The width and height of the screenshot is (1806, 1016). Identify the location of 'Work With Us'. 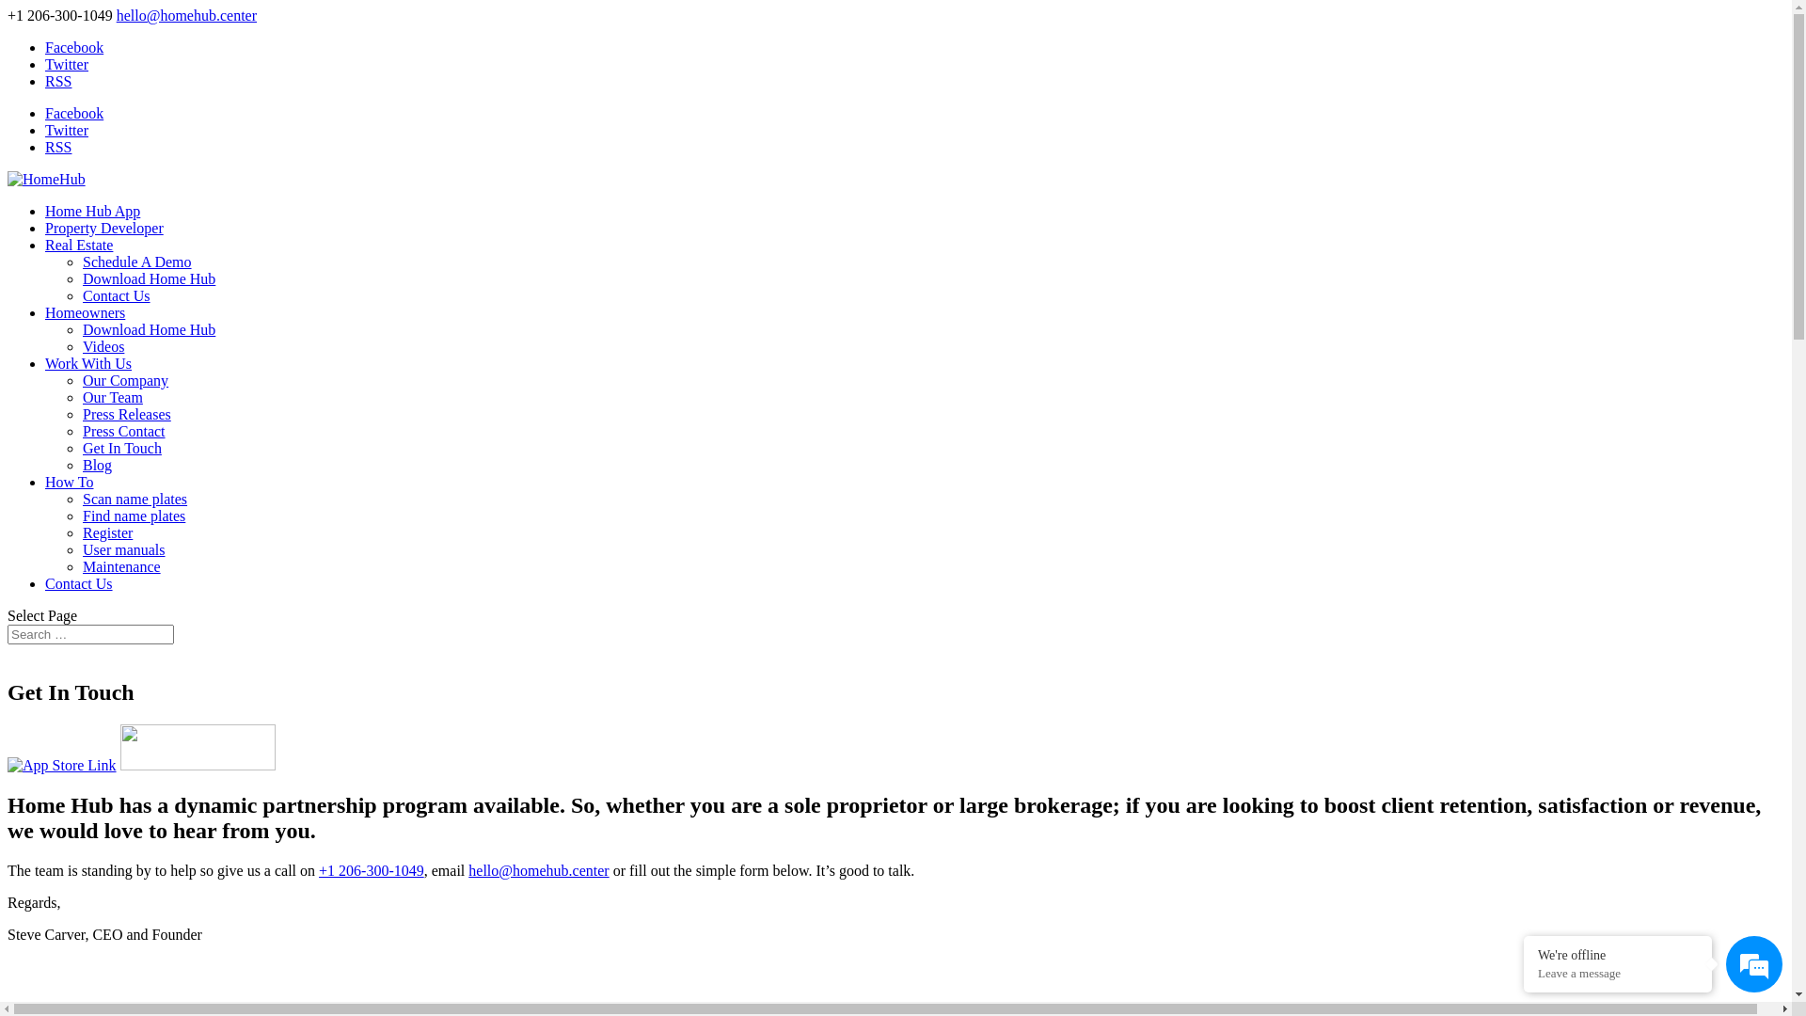
(87, 363).